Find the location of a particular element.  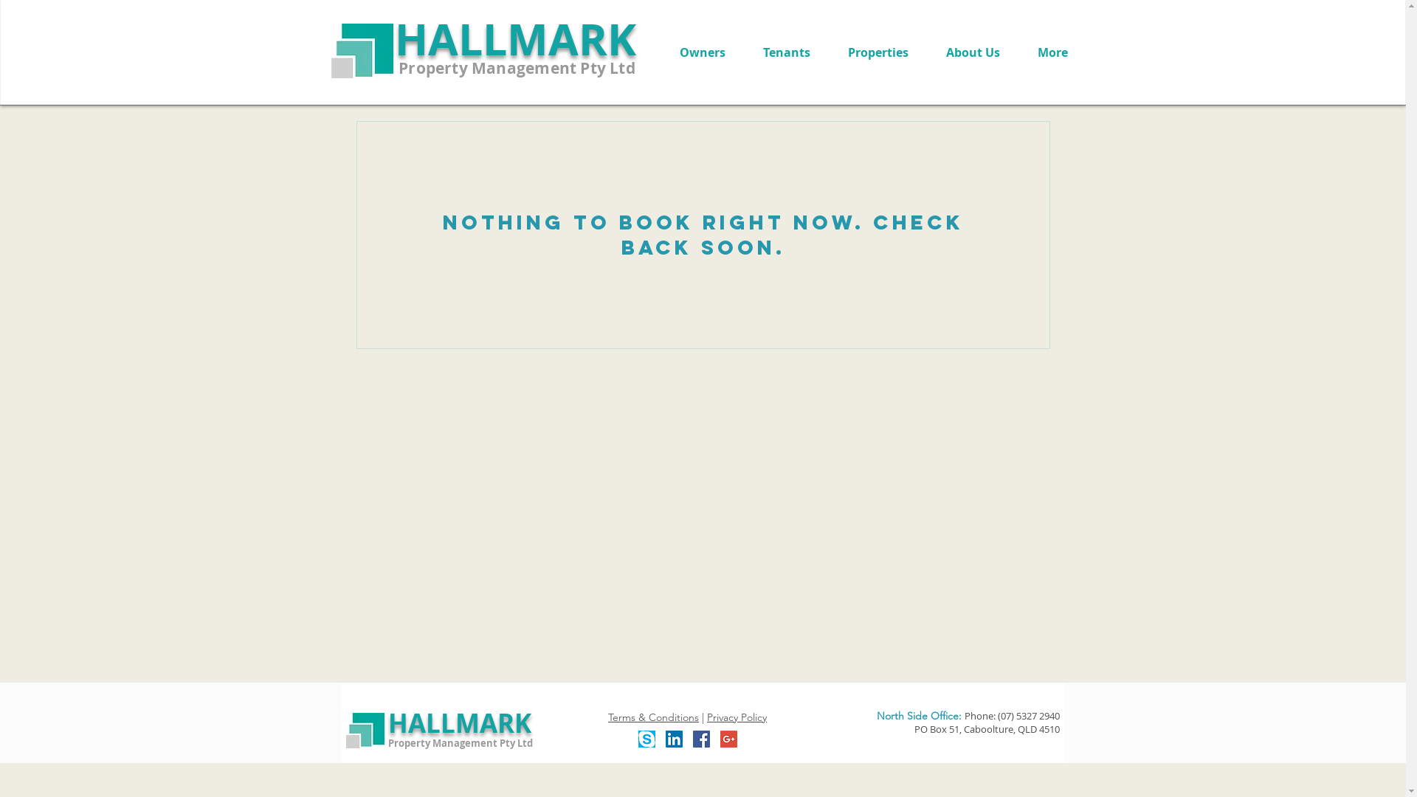

'Terms & Conditions' is located at coordinates (652, 717).